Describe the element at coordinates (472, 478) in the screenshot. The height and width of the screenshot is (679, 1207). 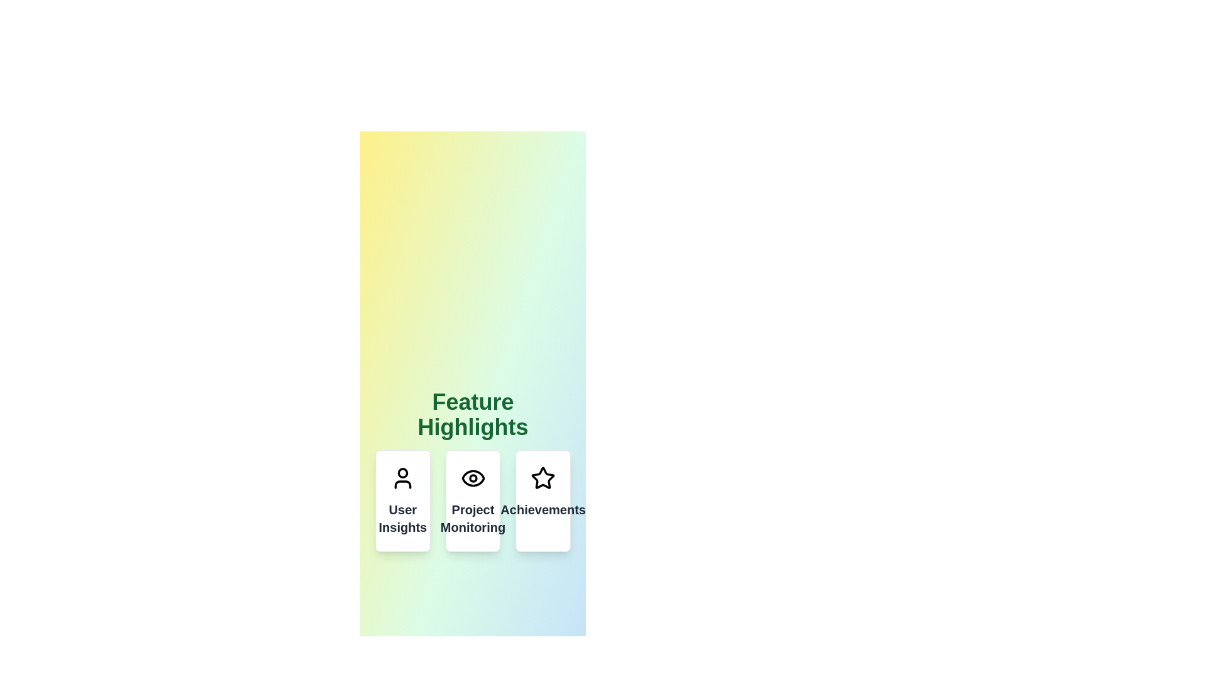
I see `the circular icon resembling an eye located at the top center of the 'Project Monitoring' card` at that location.